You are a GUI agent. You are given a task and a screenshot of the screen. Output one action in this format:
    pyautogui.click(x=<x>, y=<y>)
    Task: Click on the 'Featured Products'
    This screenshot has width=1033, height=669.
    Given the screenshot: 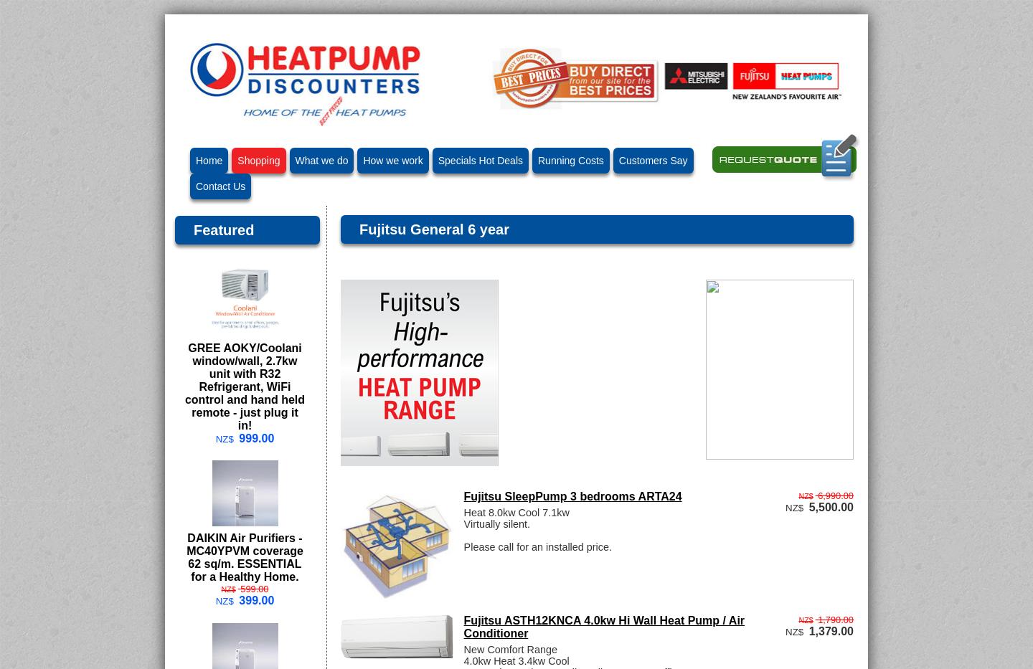 What is the action you would take?
    pyautogui.click(x=216, y=242)
    